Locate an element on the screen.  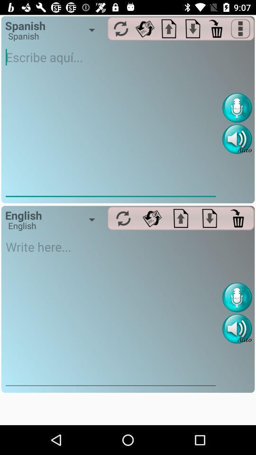
the refresh icon is located at coordinates (123, 218).